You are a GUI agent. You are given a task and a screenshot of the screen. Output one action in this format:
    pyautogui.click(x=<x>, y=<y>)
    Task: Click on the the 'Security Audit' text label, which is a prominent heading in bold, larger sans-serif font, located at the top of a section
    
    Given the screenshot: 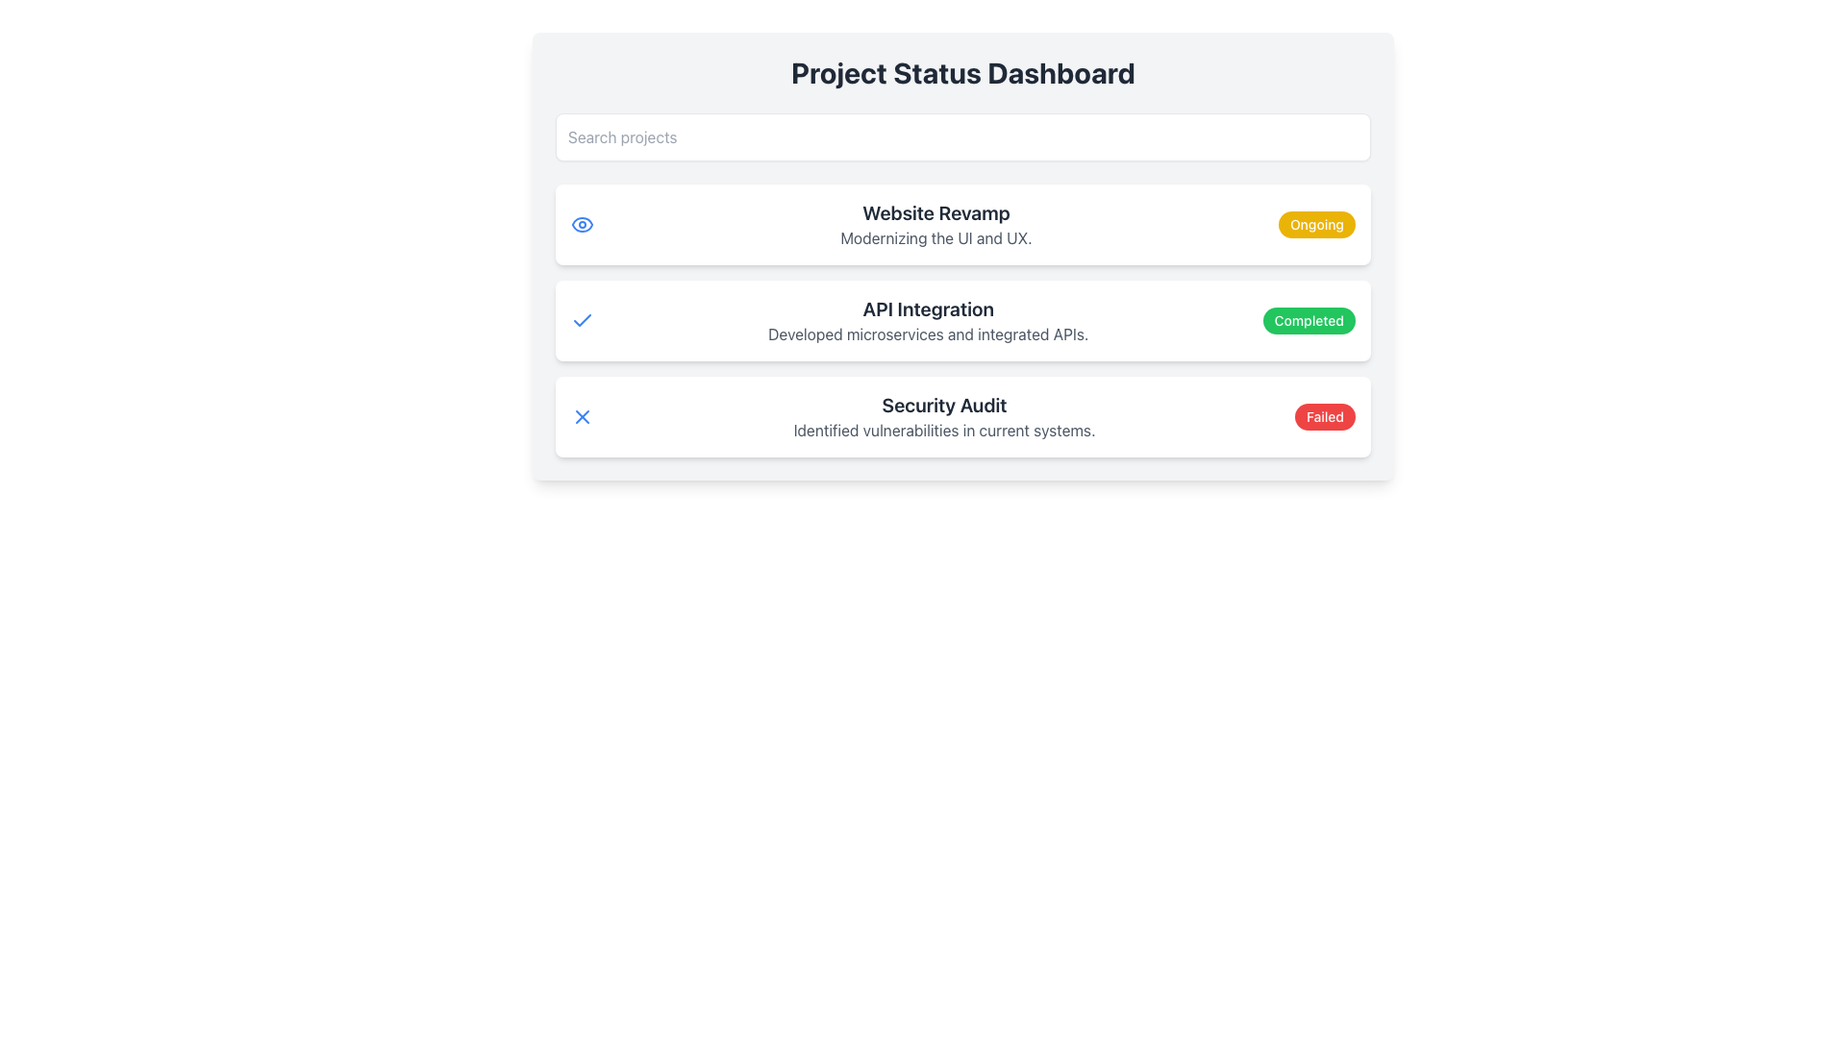 What is the action you would take?
    pyautogui.click(x=944, y=404)
    